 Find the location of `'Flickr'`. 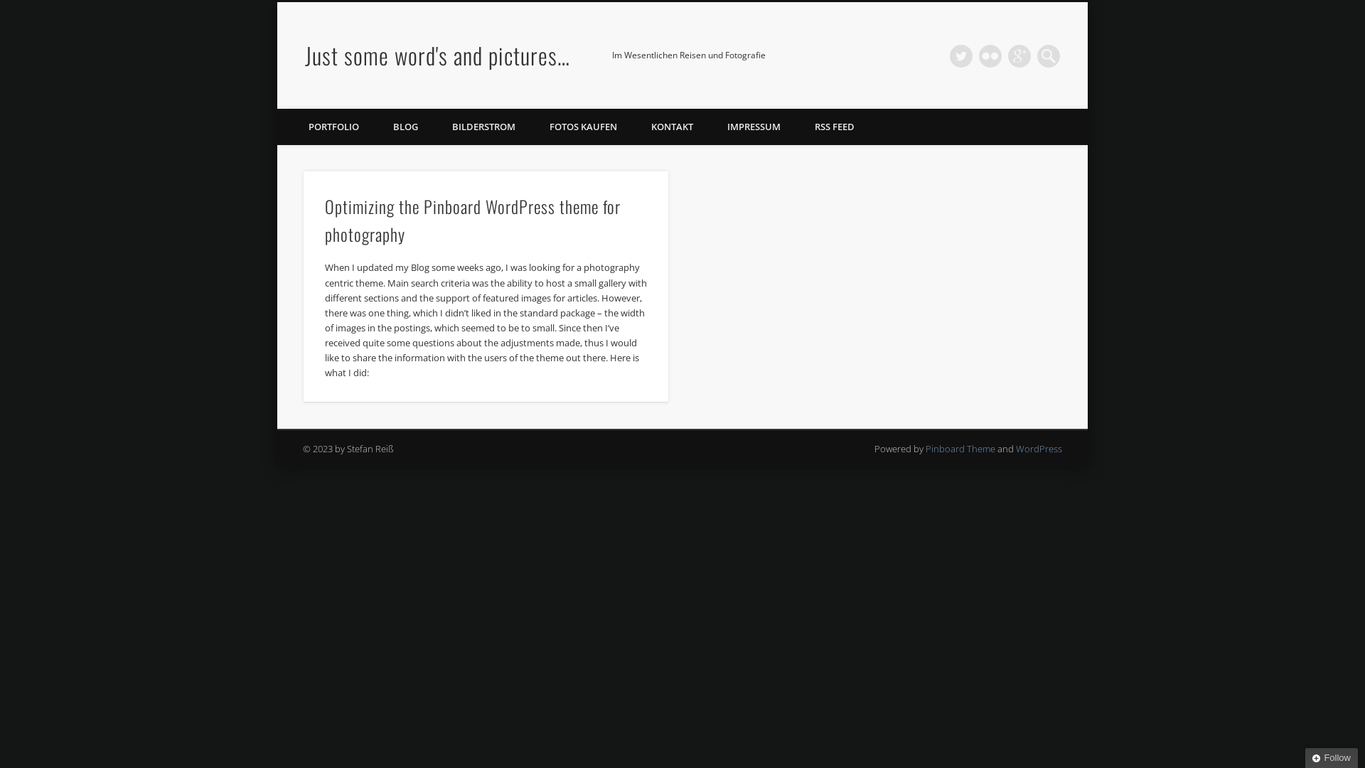

'Flickr' is located at coordinates (978, 55).